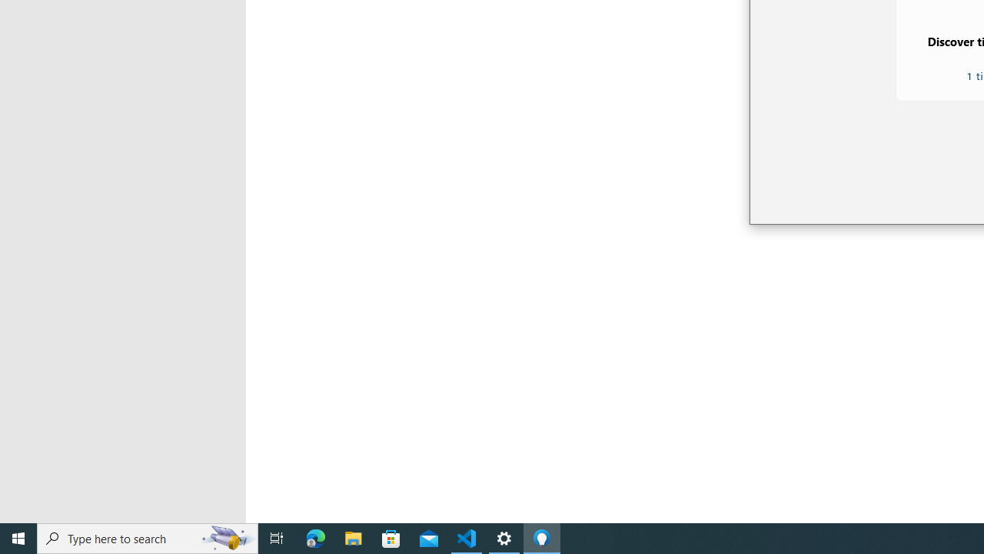 The width and height of the screenshot is (984, 554). What do you see at coordinates (504, 537) in the screenshot?
I see `'Settings - 1 running window'` at bounding box center [504, 537].